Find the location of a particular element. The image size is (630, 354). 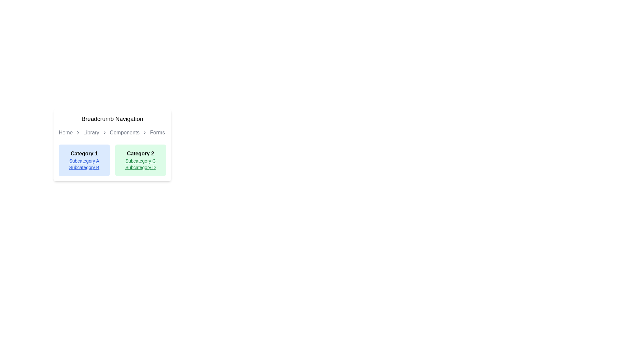

the 'Library' text link within the breadcrumb navigation component is located at coordinates (91, 133).